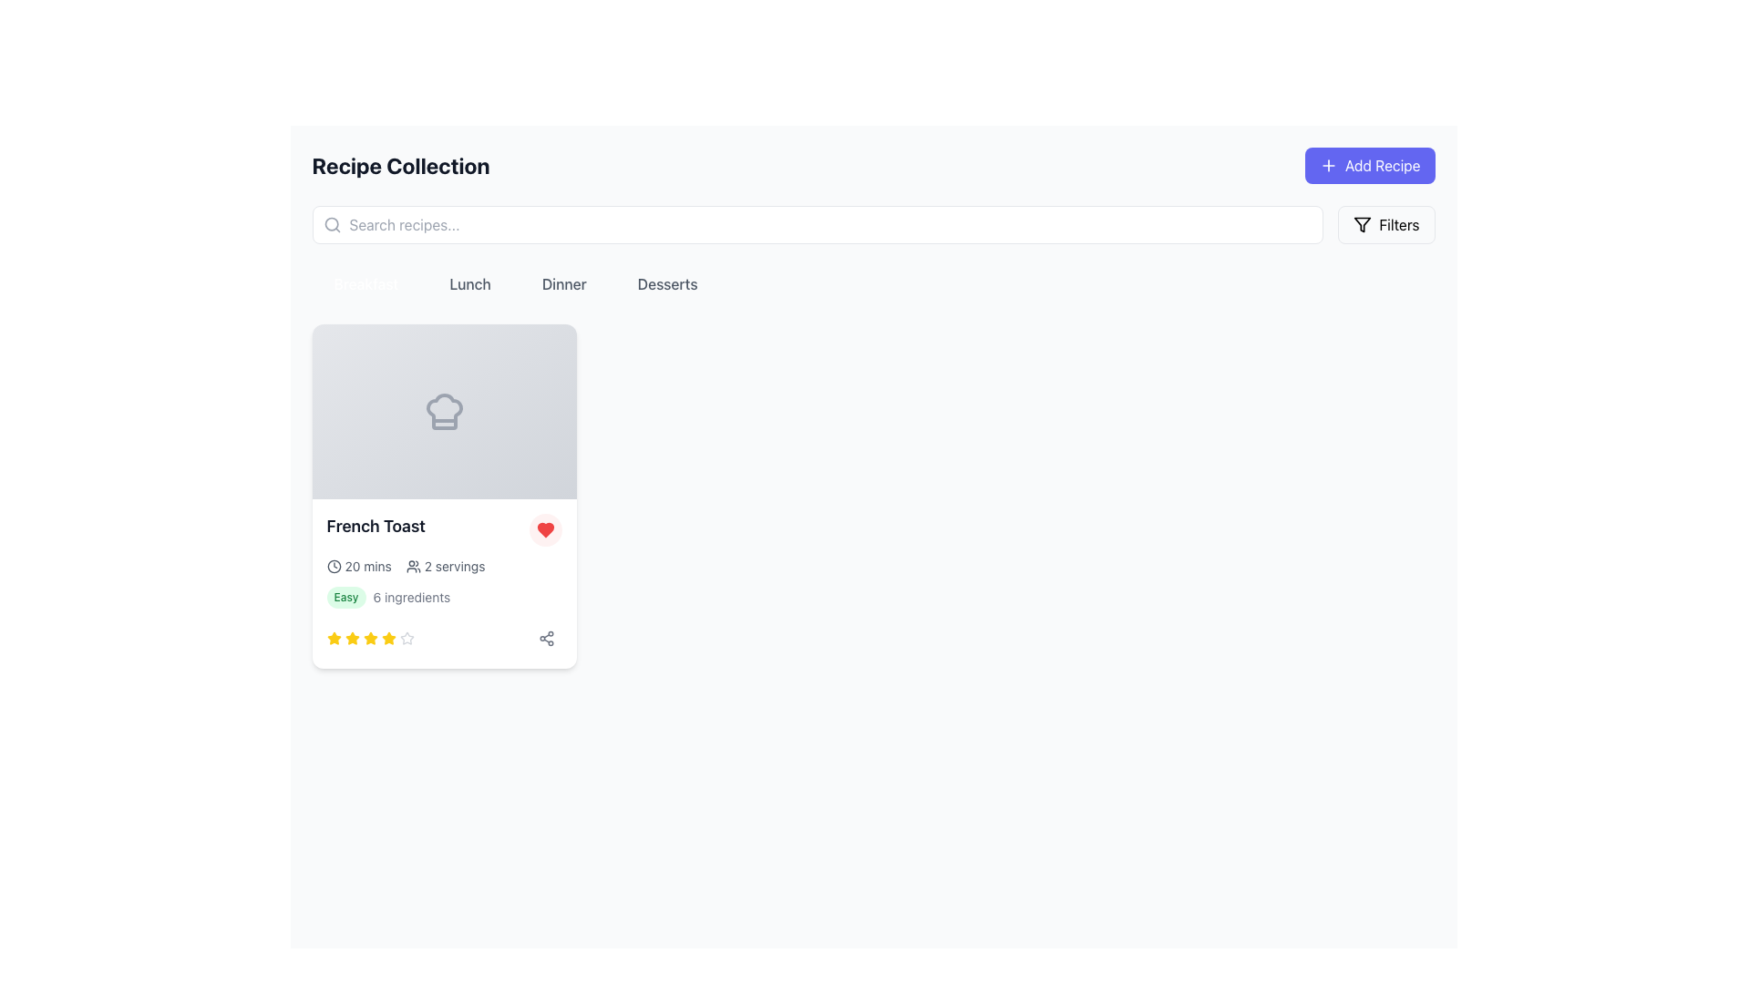 The height and width of the screenshot is (984, 1750). Describe the element at coordinates (872, 284) in the screenshot. I see `the 'Breakfast', 'Lunch', 'Dinner', or 'Desserts' button in the Button Group located below the search bar and above the list of recipe cards` at that location.